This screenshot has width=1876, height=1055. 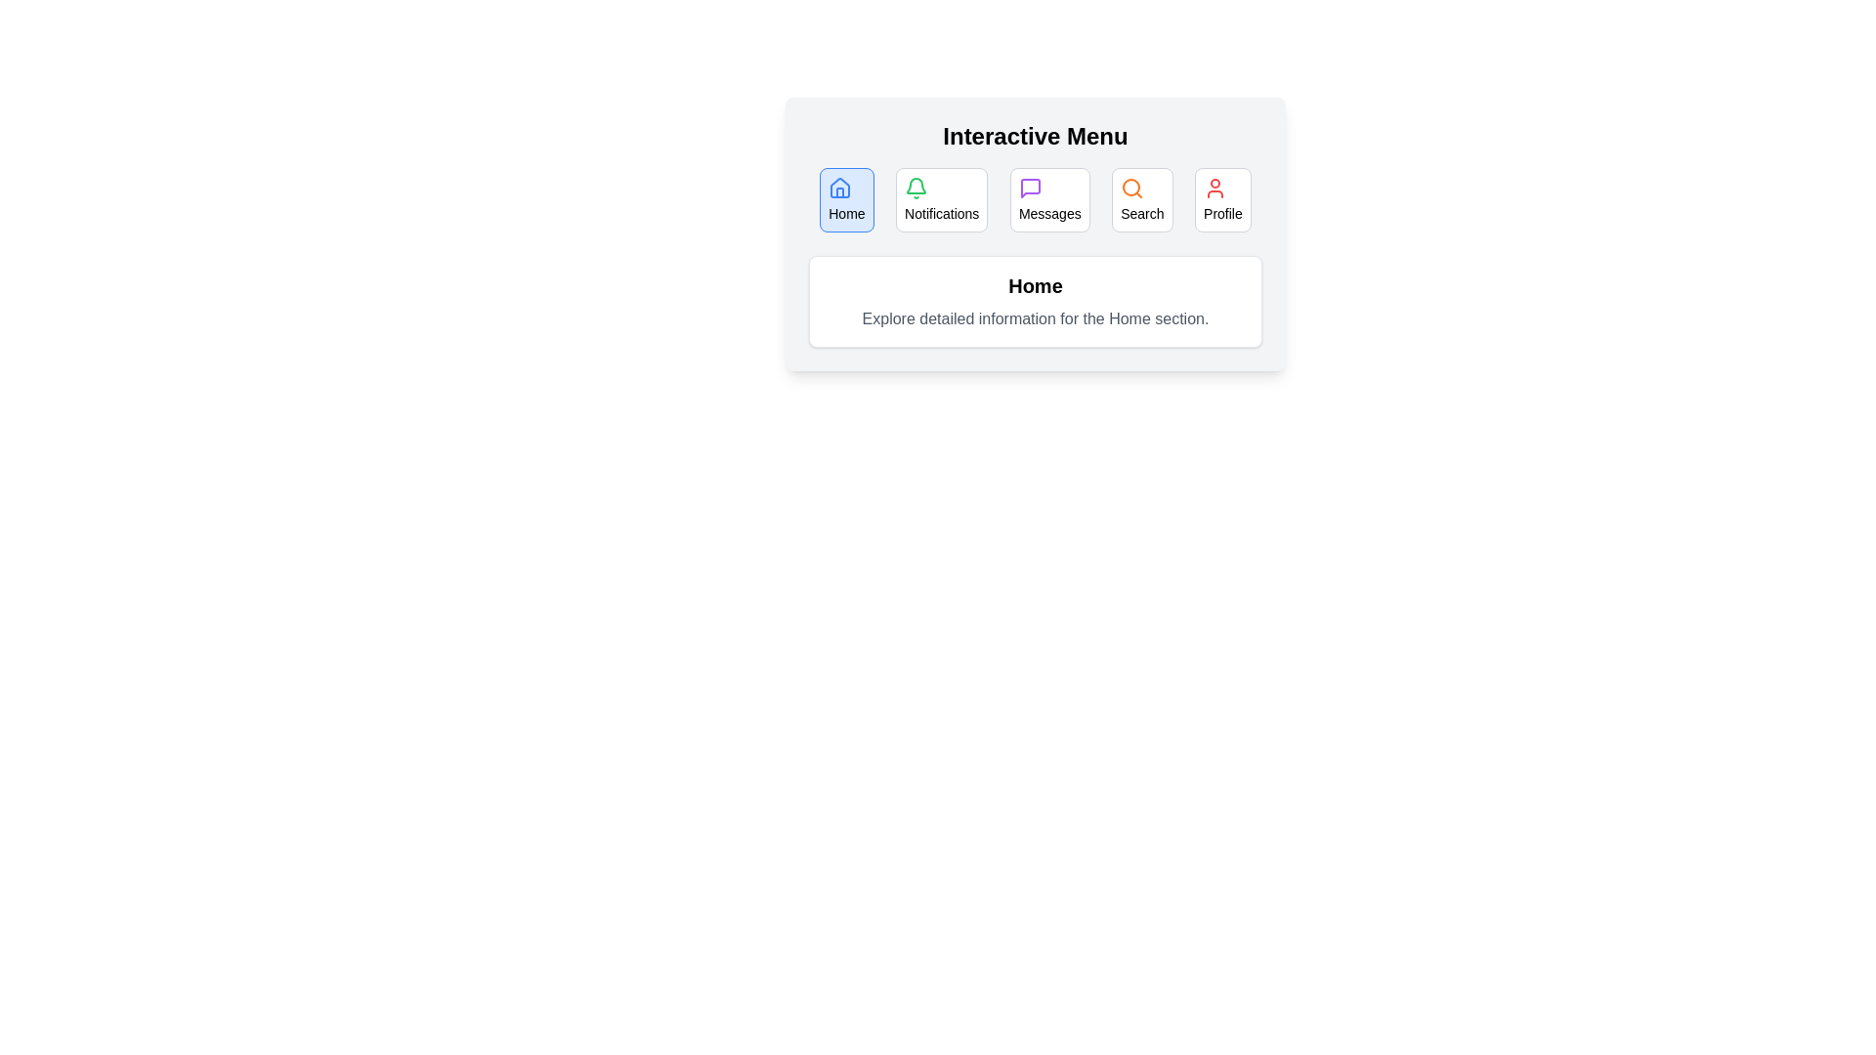 What do you see at coordinates (1142, 199) in the screenshot?
I see `the fourth button from the left in the horizontally aligned menu bar to initiate a search operation` at bounding box center [1142, 199].